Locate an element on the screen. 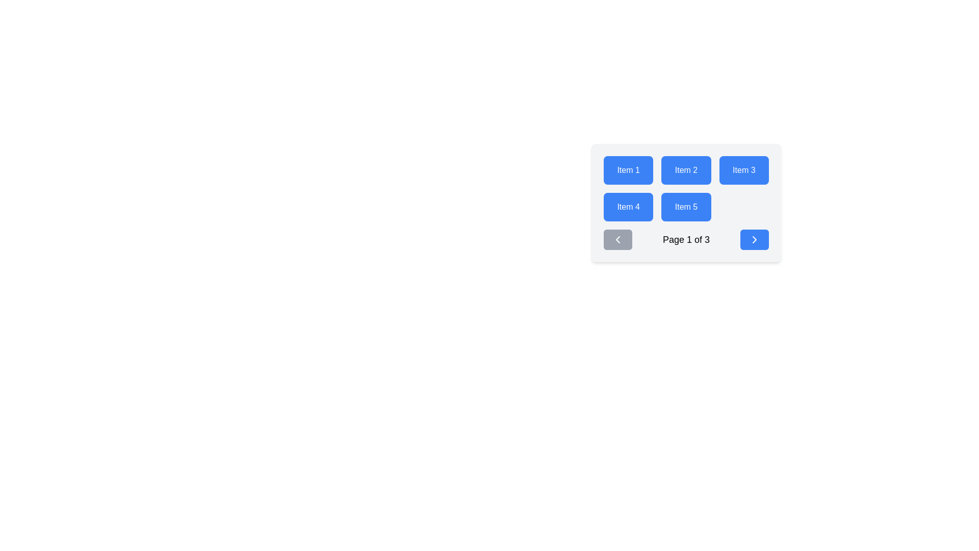  the grid of blue buttons within the composite widget is located at coordinates (686, 203).